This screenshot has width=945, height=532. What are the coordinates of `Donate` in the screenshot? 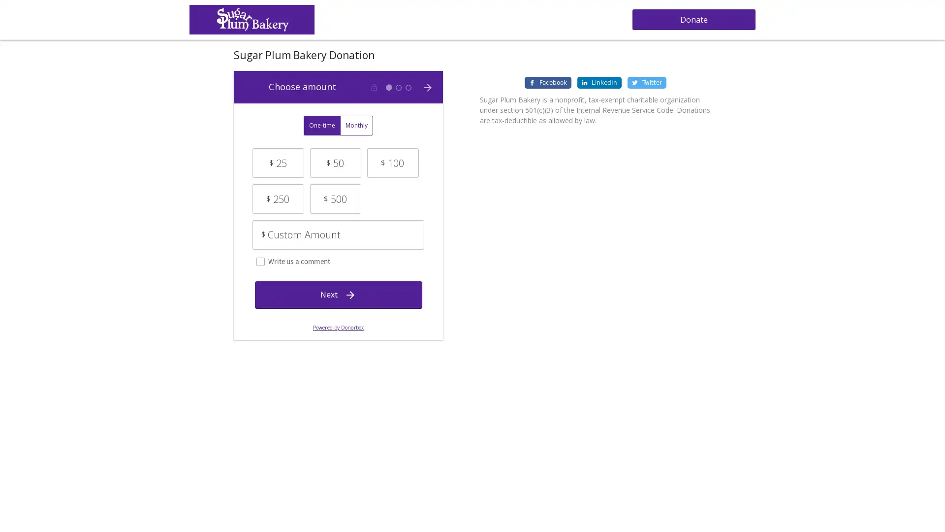 It's located at (693, 19).